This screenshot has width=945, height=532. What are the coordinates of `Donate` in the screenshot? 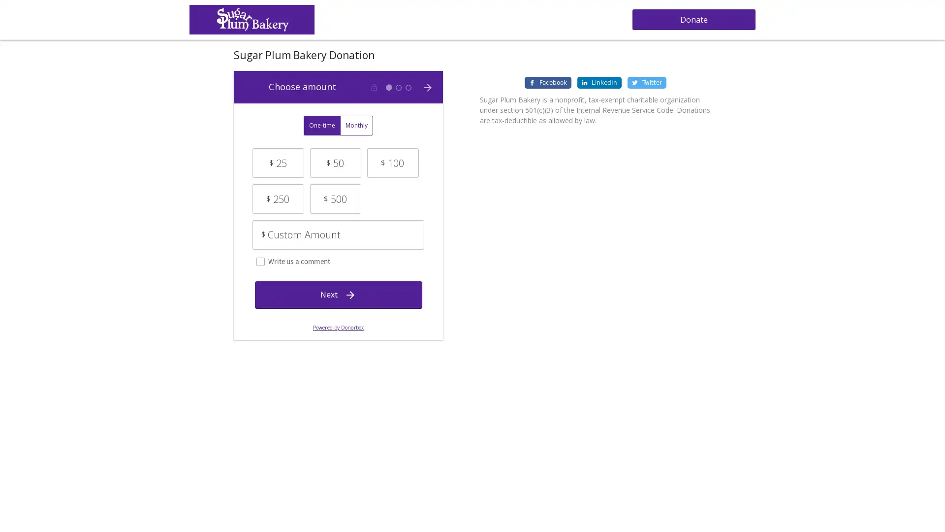 It's located at (693, 19).